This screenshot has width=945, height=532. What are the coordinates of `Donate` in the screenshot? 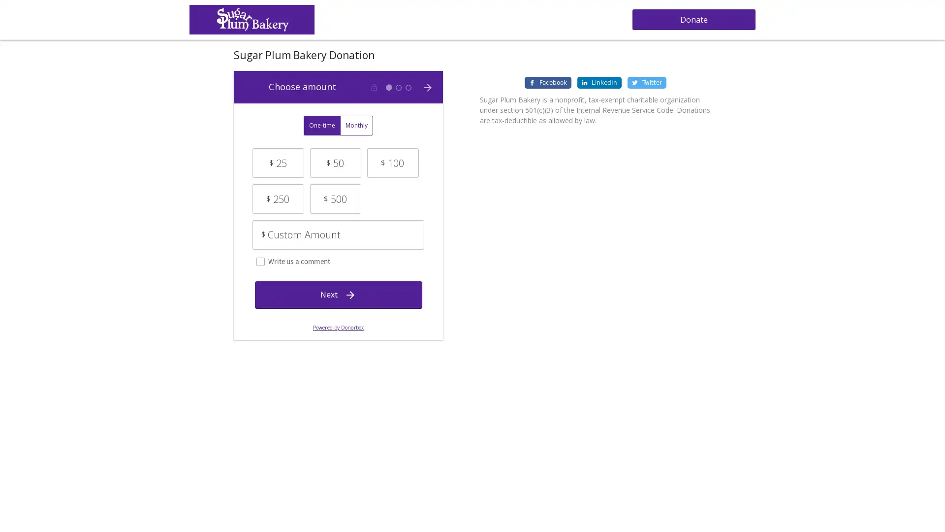 It's located at (693, 19).